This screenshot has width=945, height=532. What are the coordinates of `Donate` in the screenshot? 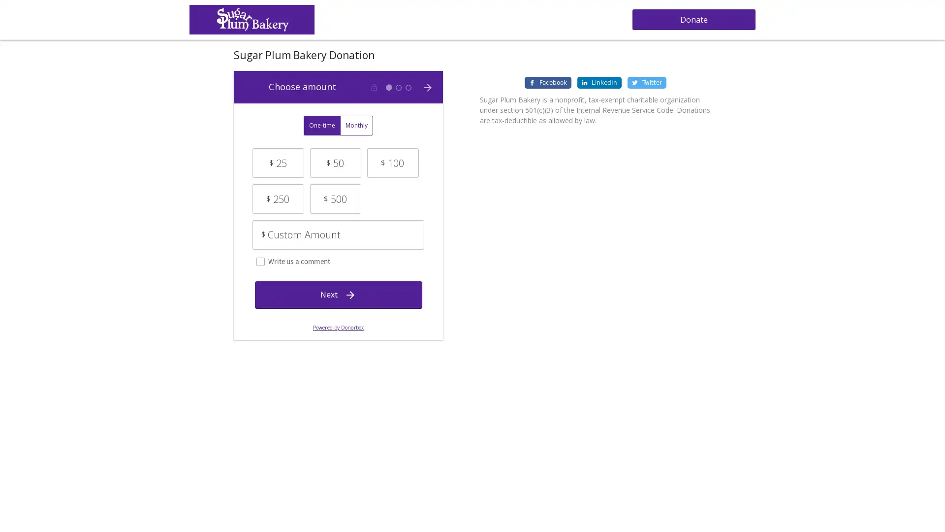 It's located at (693, 19).